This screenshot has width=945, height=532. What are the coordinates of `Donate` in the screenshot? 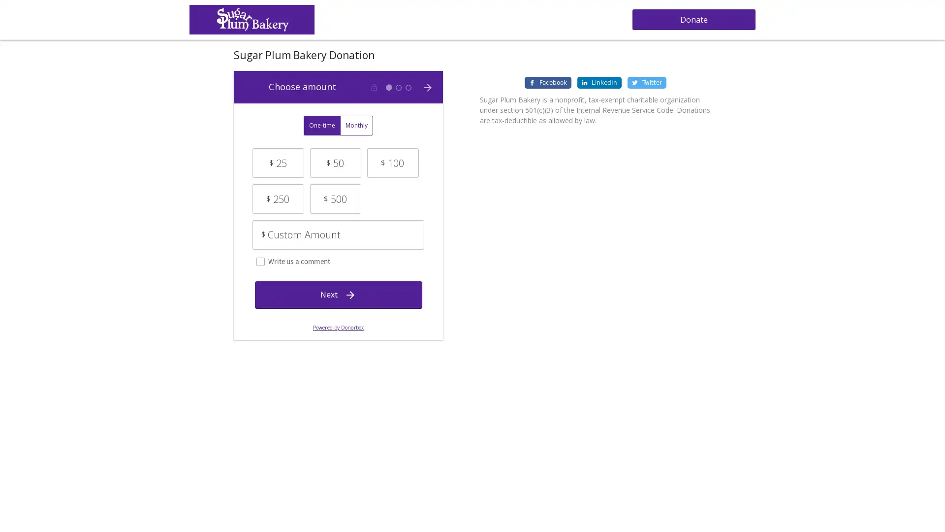 It's located at (693, 19).